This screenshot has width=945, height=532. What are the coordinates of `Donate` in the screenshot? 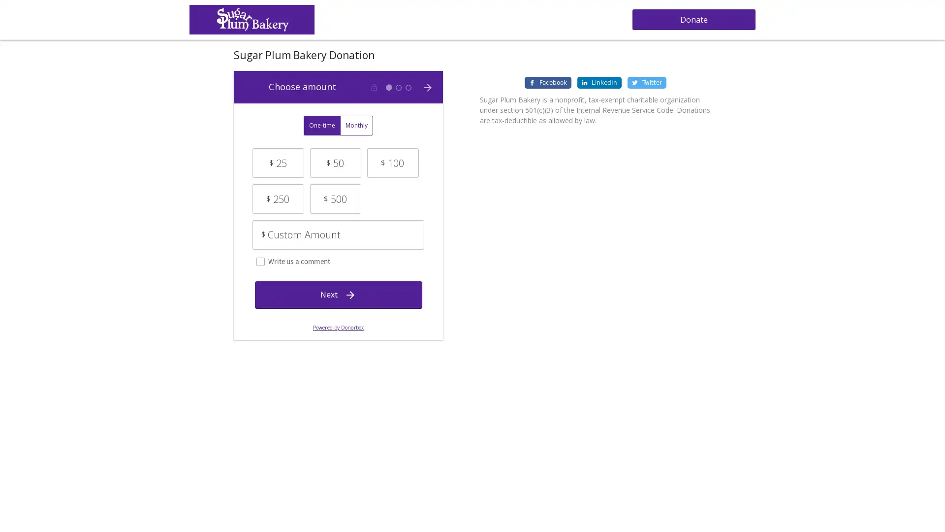 It's located at (693, 19).